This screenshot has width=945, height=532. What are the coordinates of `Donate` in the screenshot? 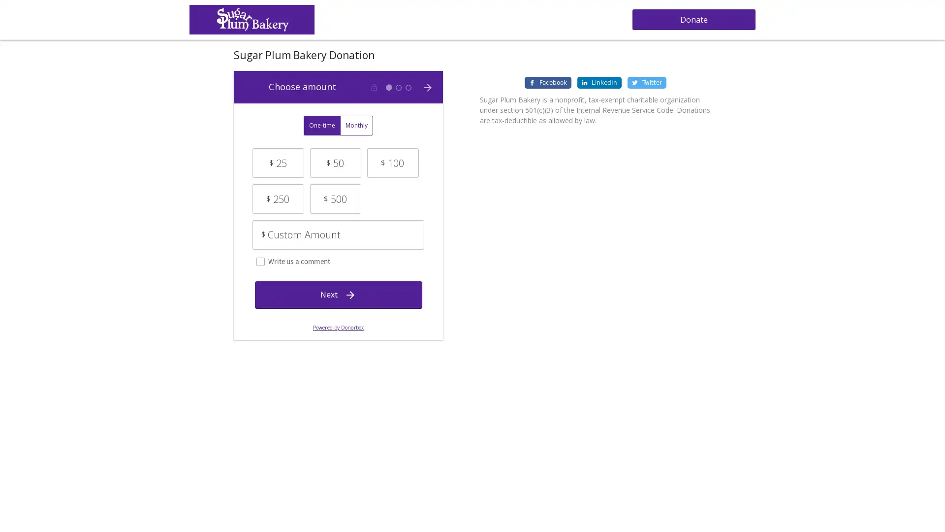 It's located at (693, 19).